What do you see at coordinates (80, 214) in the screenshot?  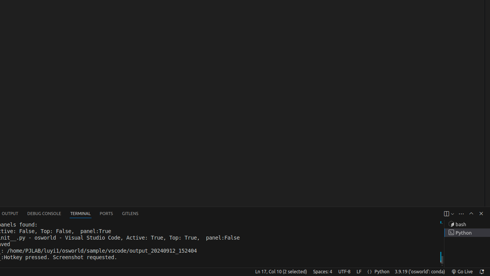 I see `'Terminal (Ctrl+`)'` at bounding box center [80, 214].